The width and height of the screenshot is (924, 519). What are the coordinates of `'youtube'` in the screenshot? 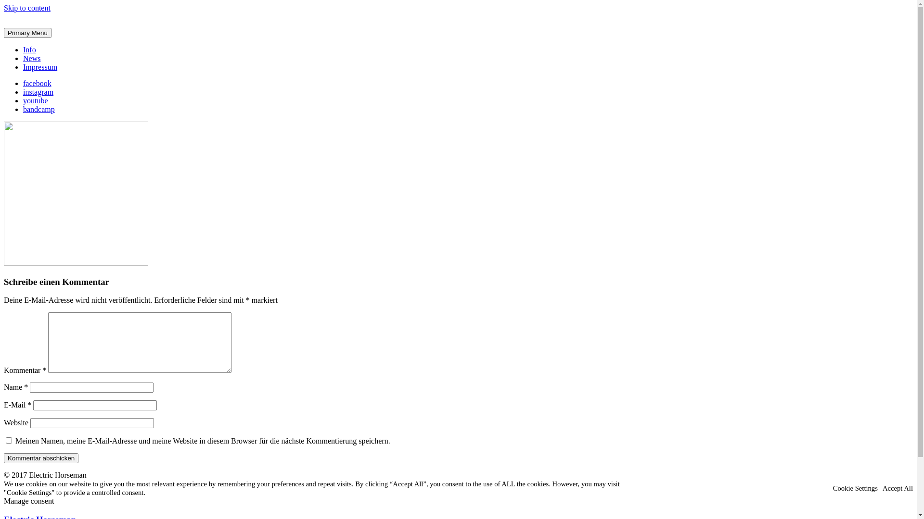 It's located at (38, 100).